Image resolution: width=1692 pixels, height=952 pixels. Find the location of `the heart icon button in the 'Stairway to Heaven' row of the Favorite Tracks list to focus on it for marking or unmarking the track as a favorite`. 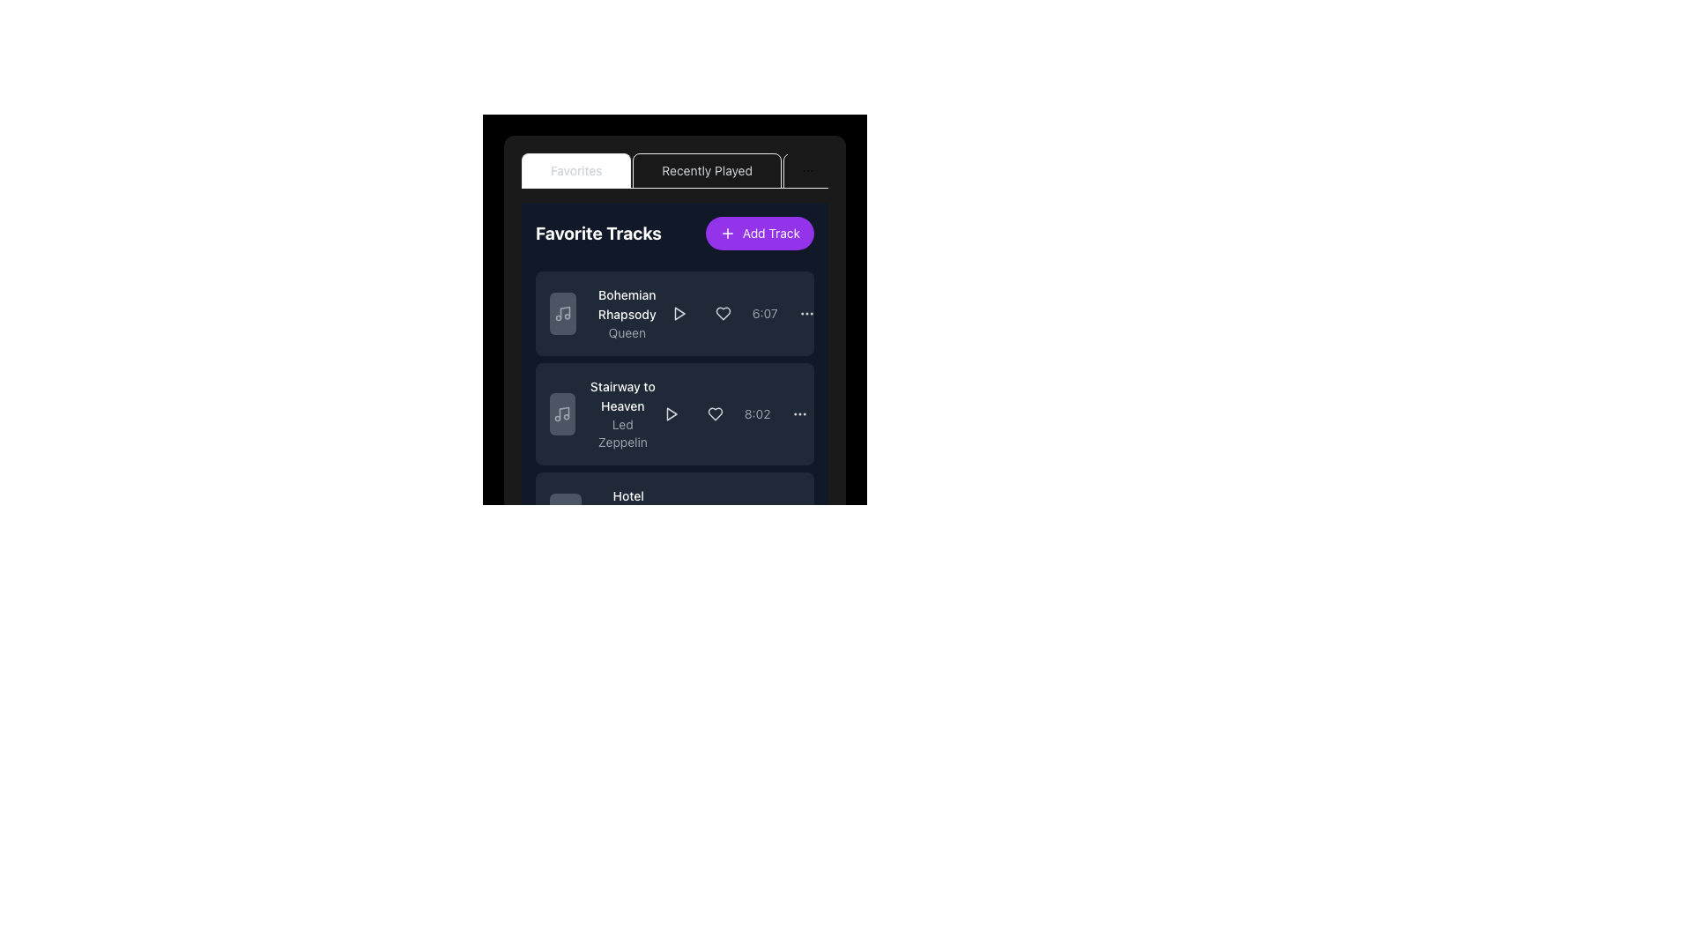

the heart icon button in the 'Stairway to Heaven' row of the Favorite Tracks list to focus on it for marking or unmarking the track as a favorite is located at coordinates (715, 414).